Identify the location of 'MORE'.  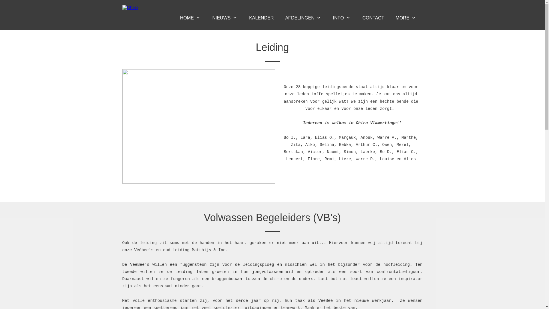
(406, 17).